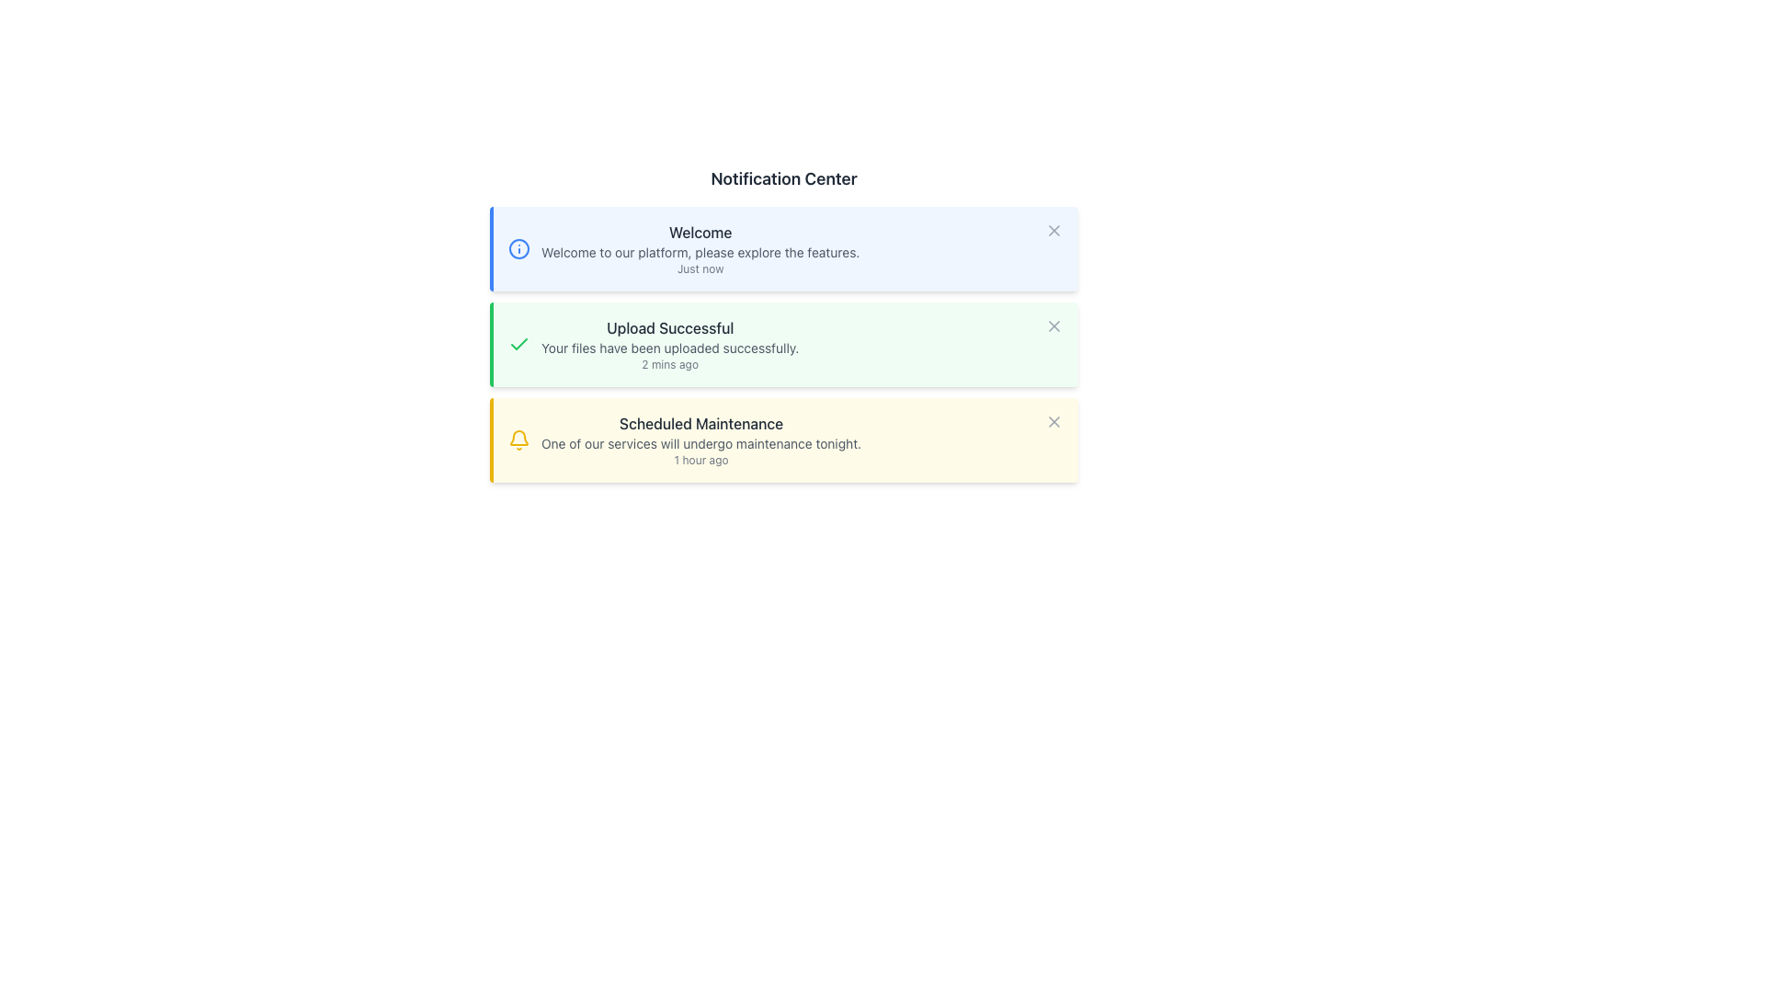 Image resolution: width=1765 pixels, height=993 pixels. I want to click on the text label displaying '2 mins ago' which is located in the green notification box titled 'Upload Successful', so click(669, 365).